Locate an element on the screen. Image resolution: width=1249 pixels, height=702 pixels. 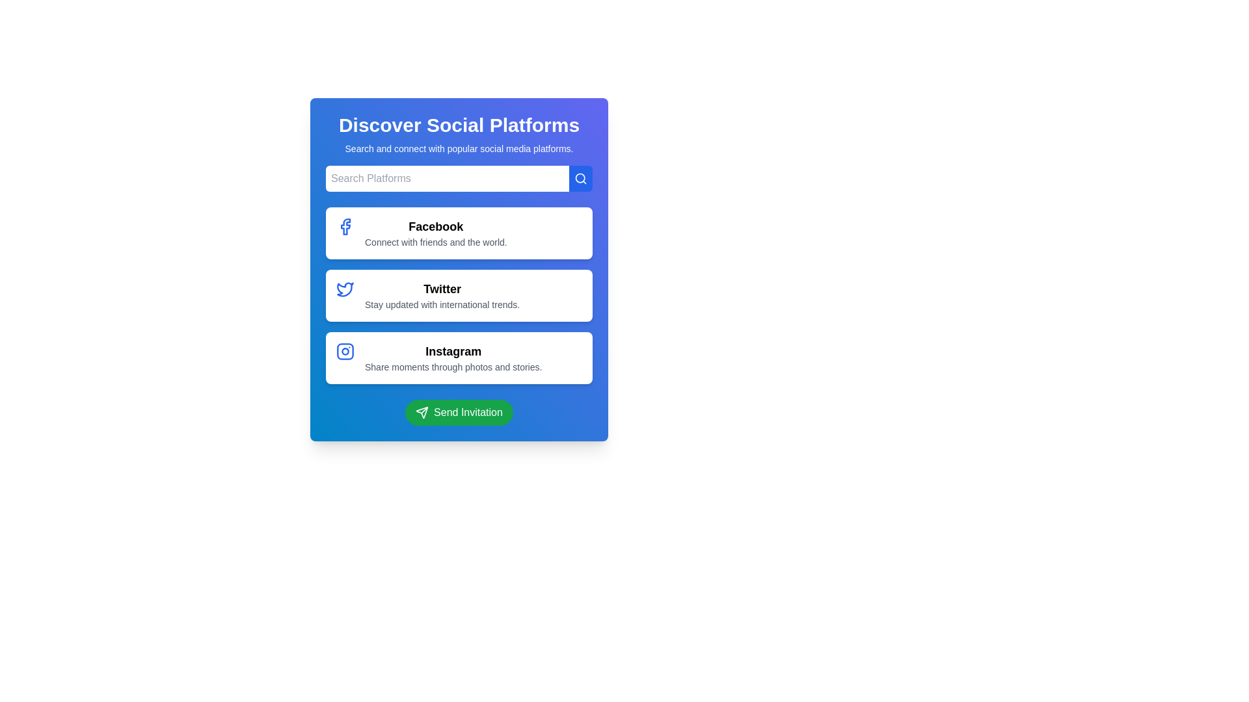
the Instagram icon located as the third button in a vertical list of social media buttons below the search bar is located at coordinates (345, 351).